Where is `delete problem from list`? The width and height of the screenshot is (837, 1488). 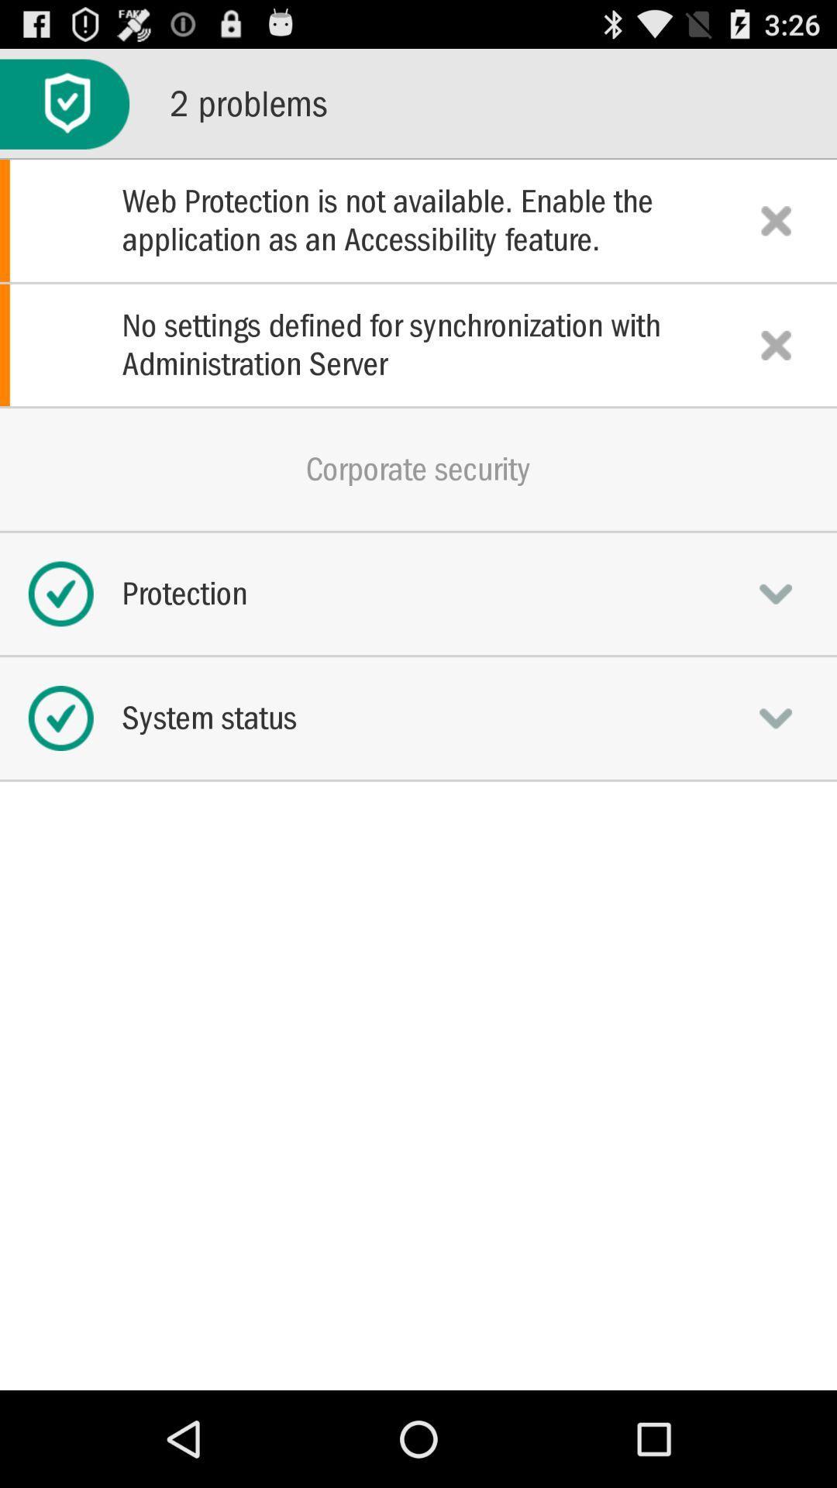
delete problem from list is located at coordinates (776, 219).